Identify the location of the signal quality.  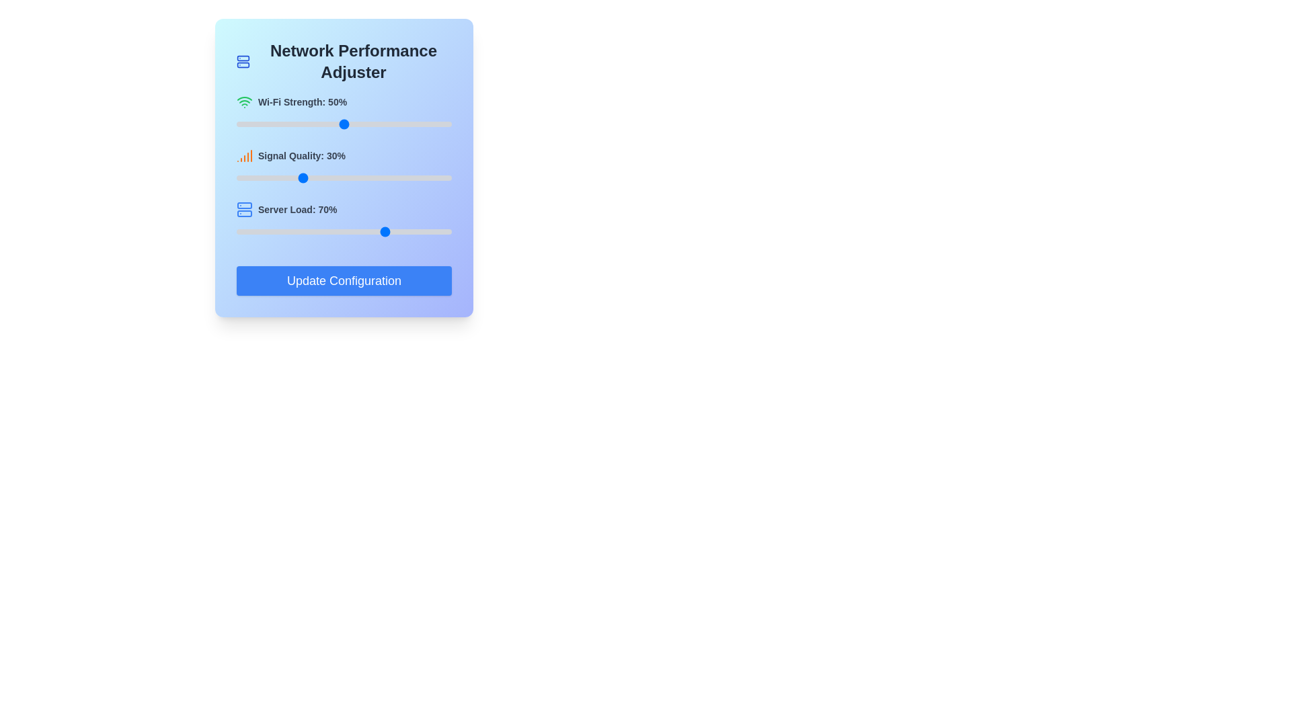
(329, 177).